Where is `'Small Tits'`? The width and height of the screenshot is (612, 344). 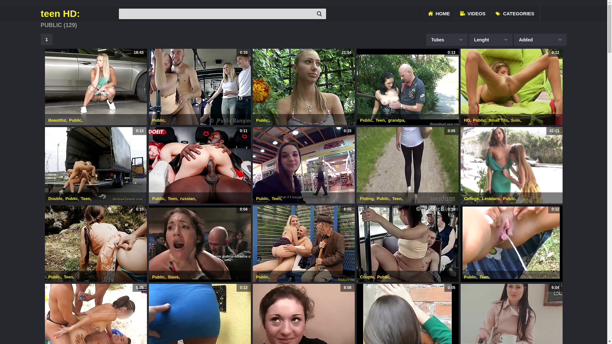 'Small Tits' is located at coordinates (498, 120).